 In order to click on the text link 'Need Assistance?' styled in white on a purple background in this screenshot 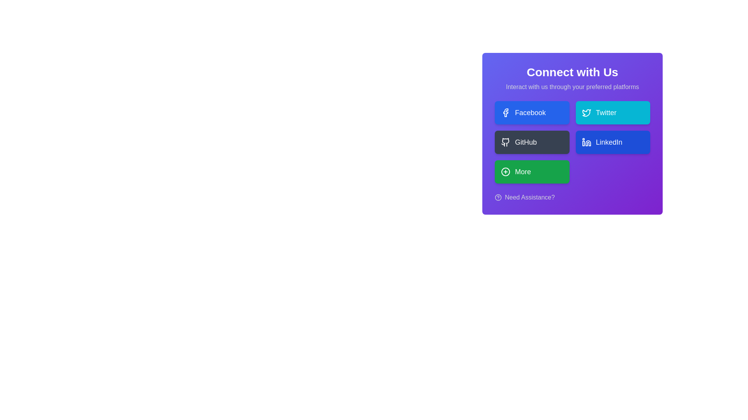, I will do `click(530, 197)`.